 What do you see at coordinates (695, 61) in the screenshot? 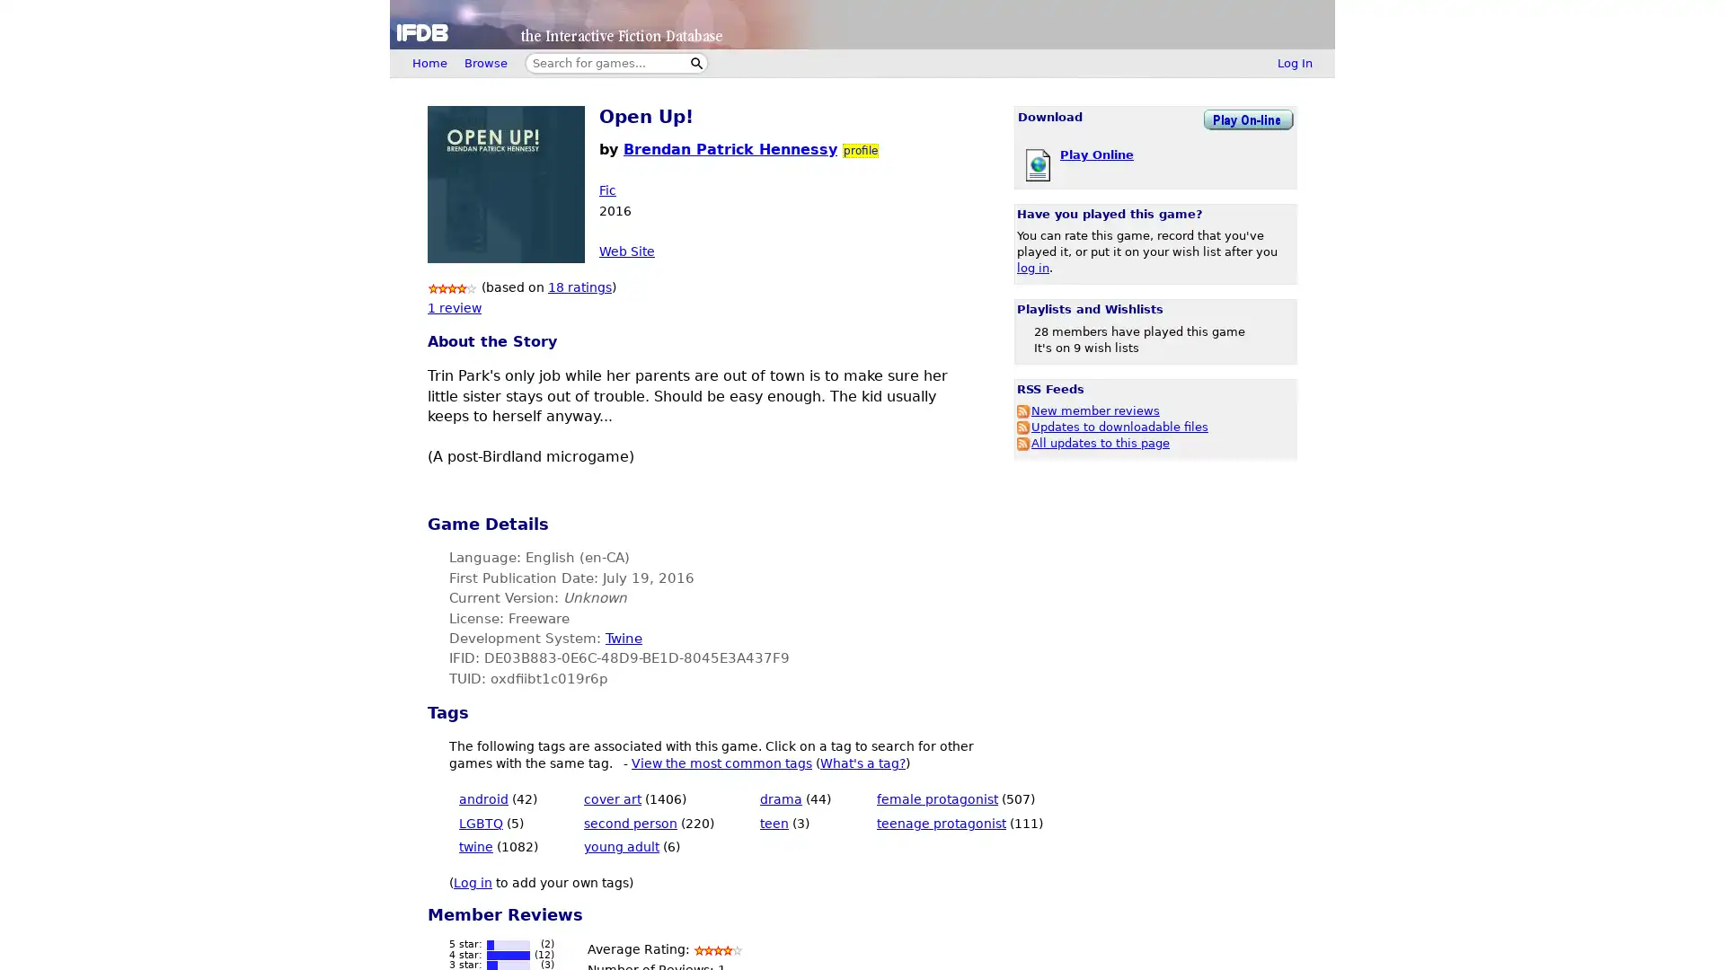
I see `Search` at bounding box center [695, 61].